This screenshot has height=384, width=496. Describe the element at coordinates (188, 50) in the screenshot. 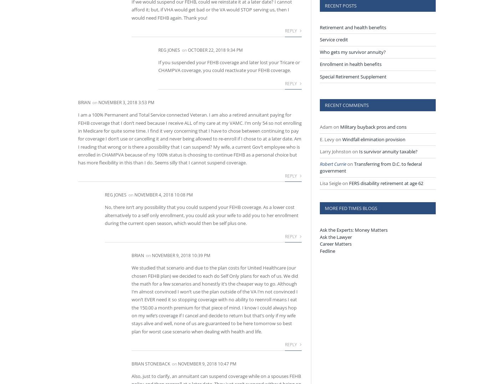

I see `'October 22, 2018 9:34 pm'` at that location.